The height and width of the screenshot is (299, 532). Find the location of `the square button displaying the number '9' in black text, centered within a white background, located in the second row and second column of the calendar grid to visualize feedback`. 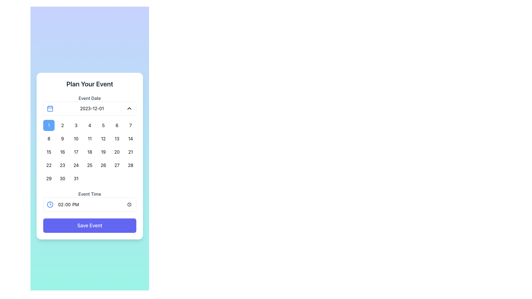

the square button displaying the number '9' in black text, centered within a white background, located in the second row and second column of the calendar grid to visualize feedback is located at coordinates (62, 138).